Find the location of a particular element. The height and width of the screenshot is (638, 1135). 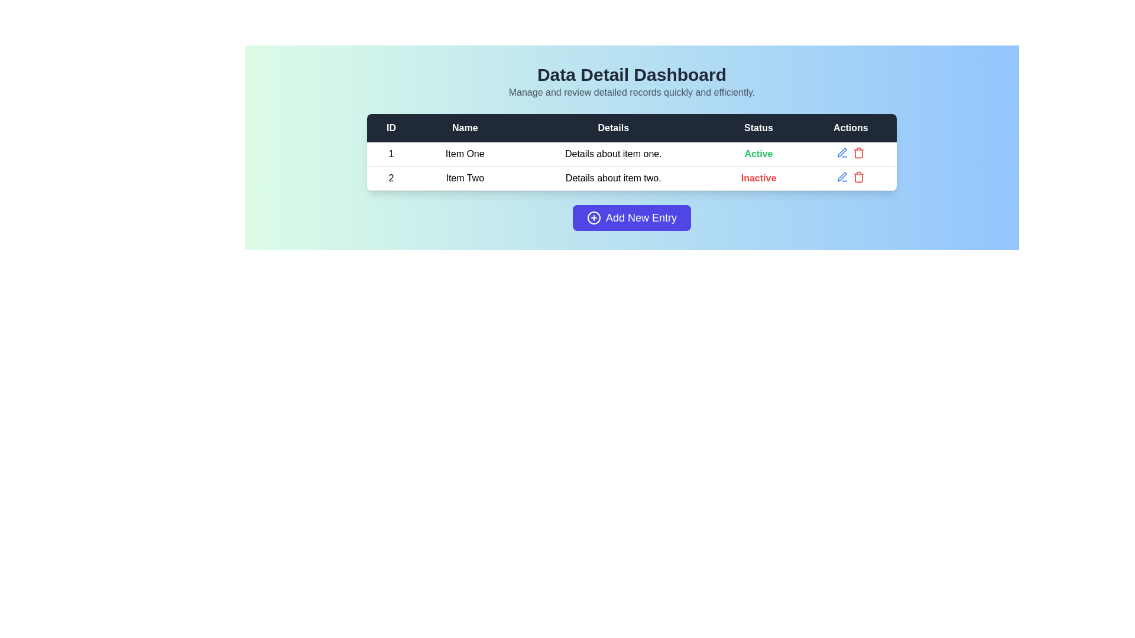

the red trash can icon in the Actions column is located at coordinates (850, 152).